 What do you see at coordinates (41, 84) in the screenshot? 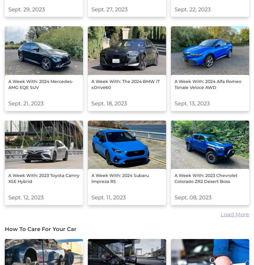
I see `'A Week With: 2024 Mercedes-AMG EQE SUV'` at bounding box center [41, 84].